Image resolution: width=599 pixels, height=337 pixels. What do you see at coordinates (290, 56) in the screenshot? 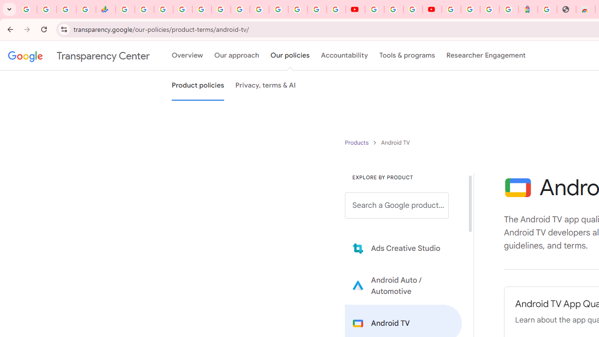
I see `'Our policies'` at bounding box center [290, 56].